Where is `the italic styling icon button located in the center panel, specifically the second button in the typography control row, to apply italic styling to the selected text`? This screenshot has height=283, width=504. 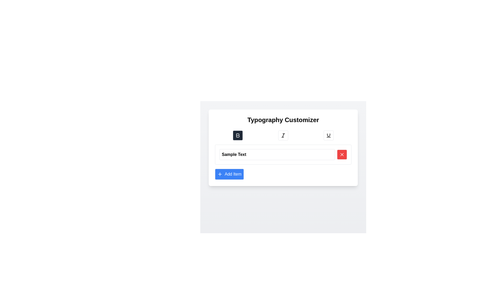 the italic styling icon button located in the center panel, specifically the second button in the typography control row, to apply italic styling to the selected text is located at coordinates (283, 135).